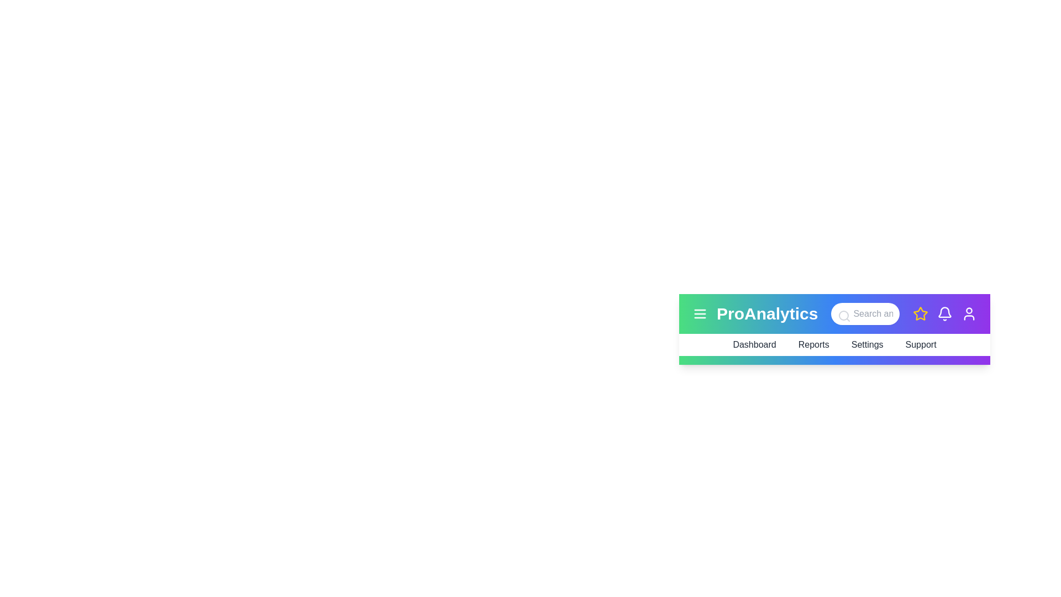  Describe the element at coordinates (754, 344) in the screenshot. I see `the menu item Dashboard to trigger additional feedback` at that location.